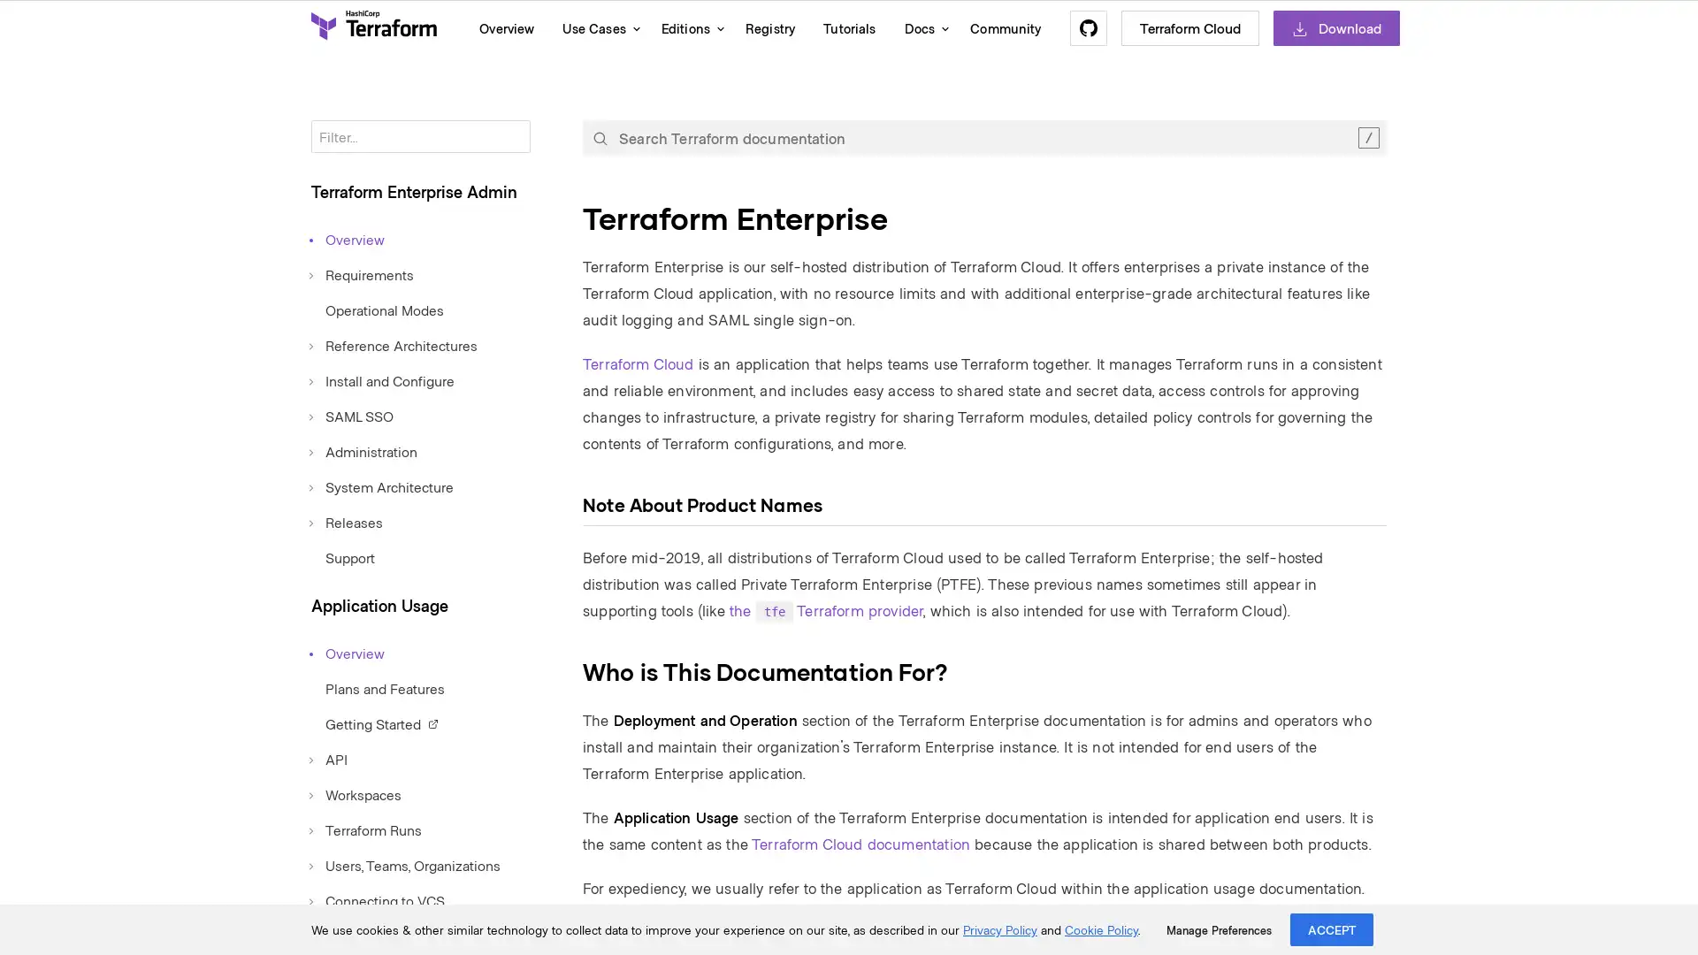  What do you see at coordinates (597, 27) in the screenshot?
I see `Use Cases` at bounding box center [597, 27].